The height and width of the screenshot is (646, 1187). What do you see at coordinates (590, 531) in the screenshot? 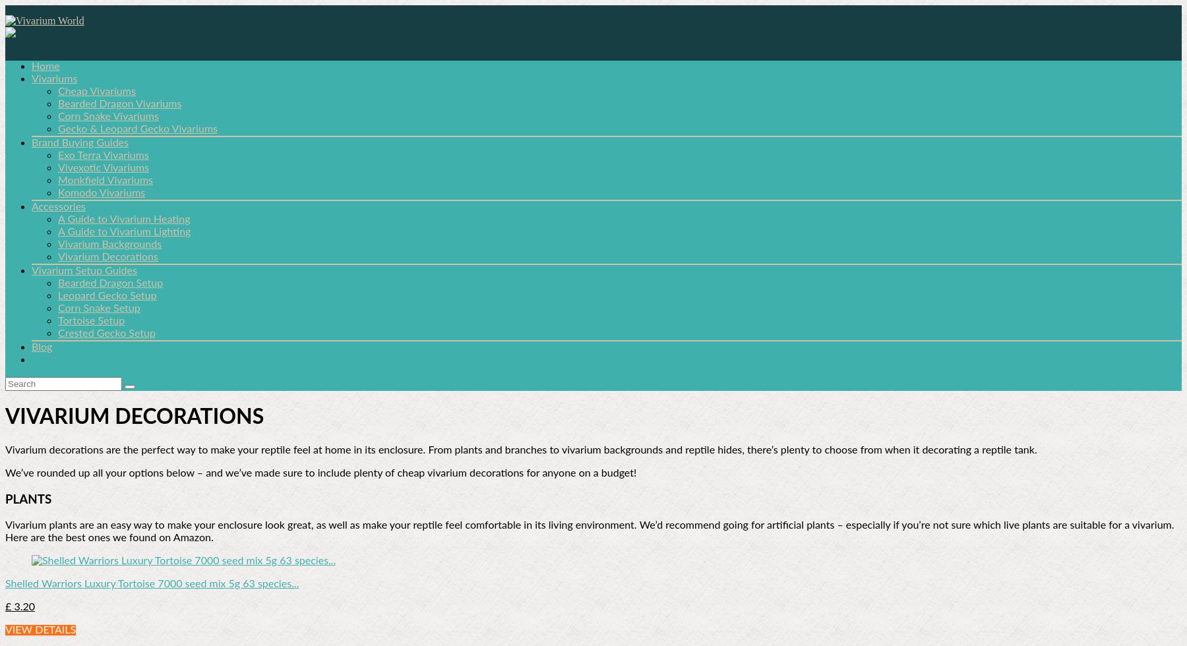
I see `'Vivarium plants are an easy way to make your enclosure look great, as well as make your reptile feel comfortable in its living environment. We’d recommend going for artificial plants – especially if you’re not sure which live plants are suitable for a vivarium. Here are the best ones we found on Amazon.'` at bounding box center [590, 531].